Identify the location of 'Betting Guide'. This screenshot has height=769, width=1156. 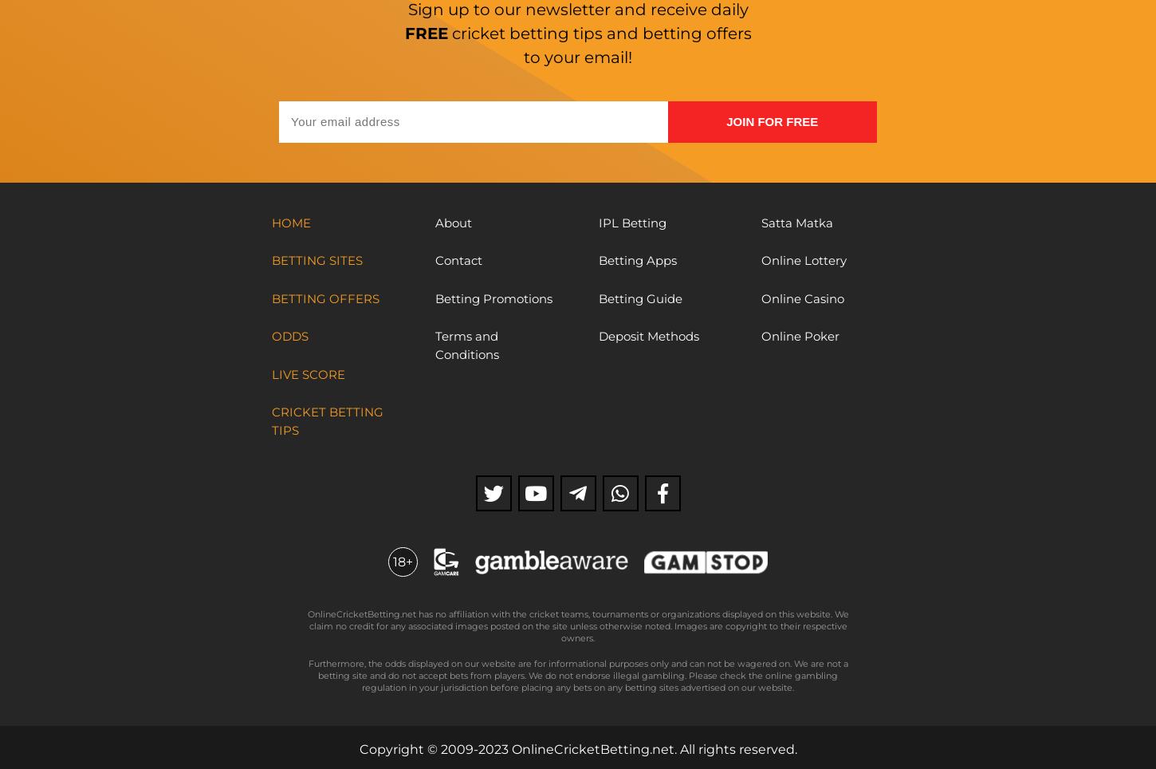
(639, 298).